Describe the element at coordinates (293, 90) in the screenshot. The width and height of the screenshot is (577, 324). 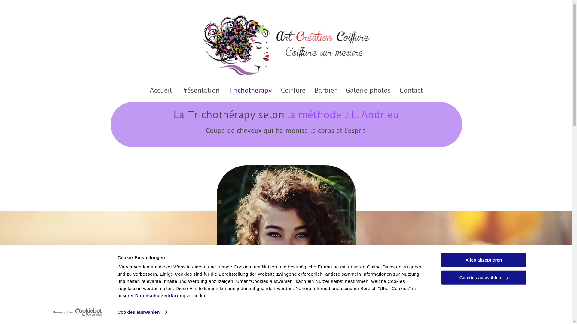
I see `'Coiffure'` at that location.